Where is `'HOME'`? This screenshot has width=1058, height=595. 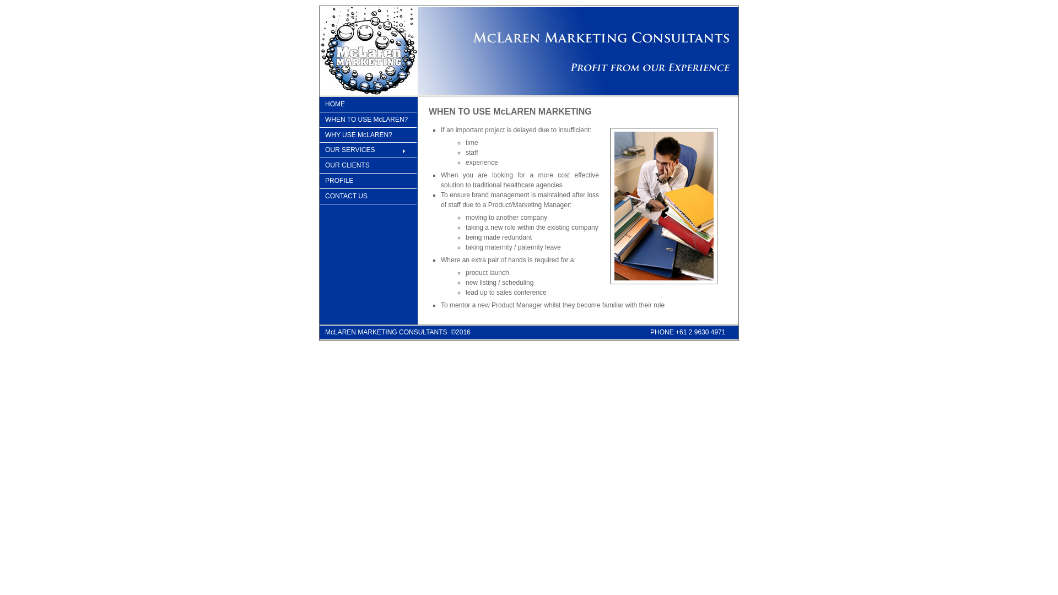
'HOME' is located at coordinates (368, 104).